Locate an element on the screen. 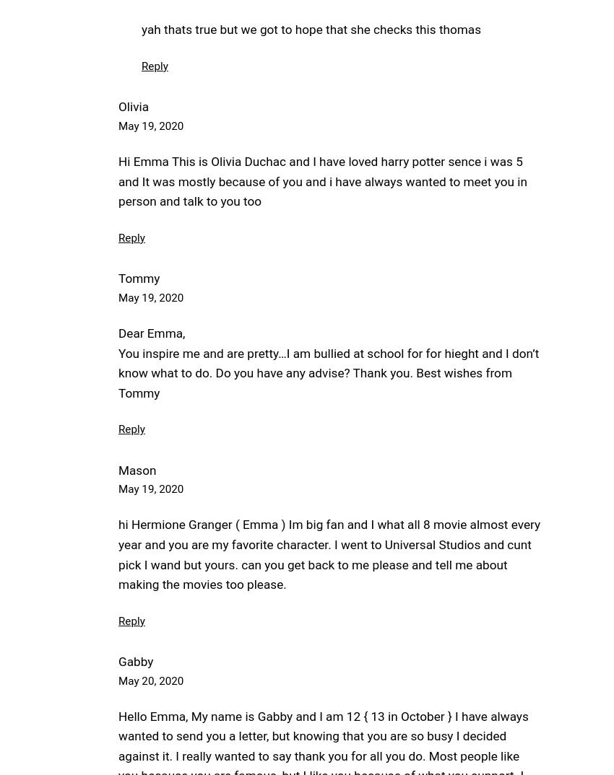  'yah thats true but we got to hope that she checks this thomas' is located at coordinates (311, 29).